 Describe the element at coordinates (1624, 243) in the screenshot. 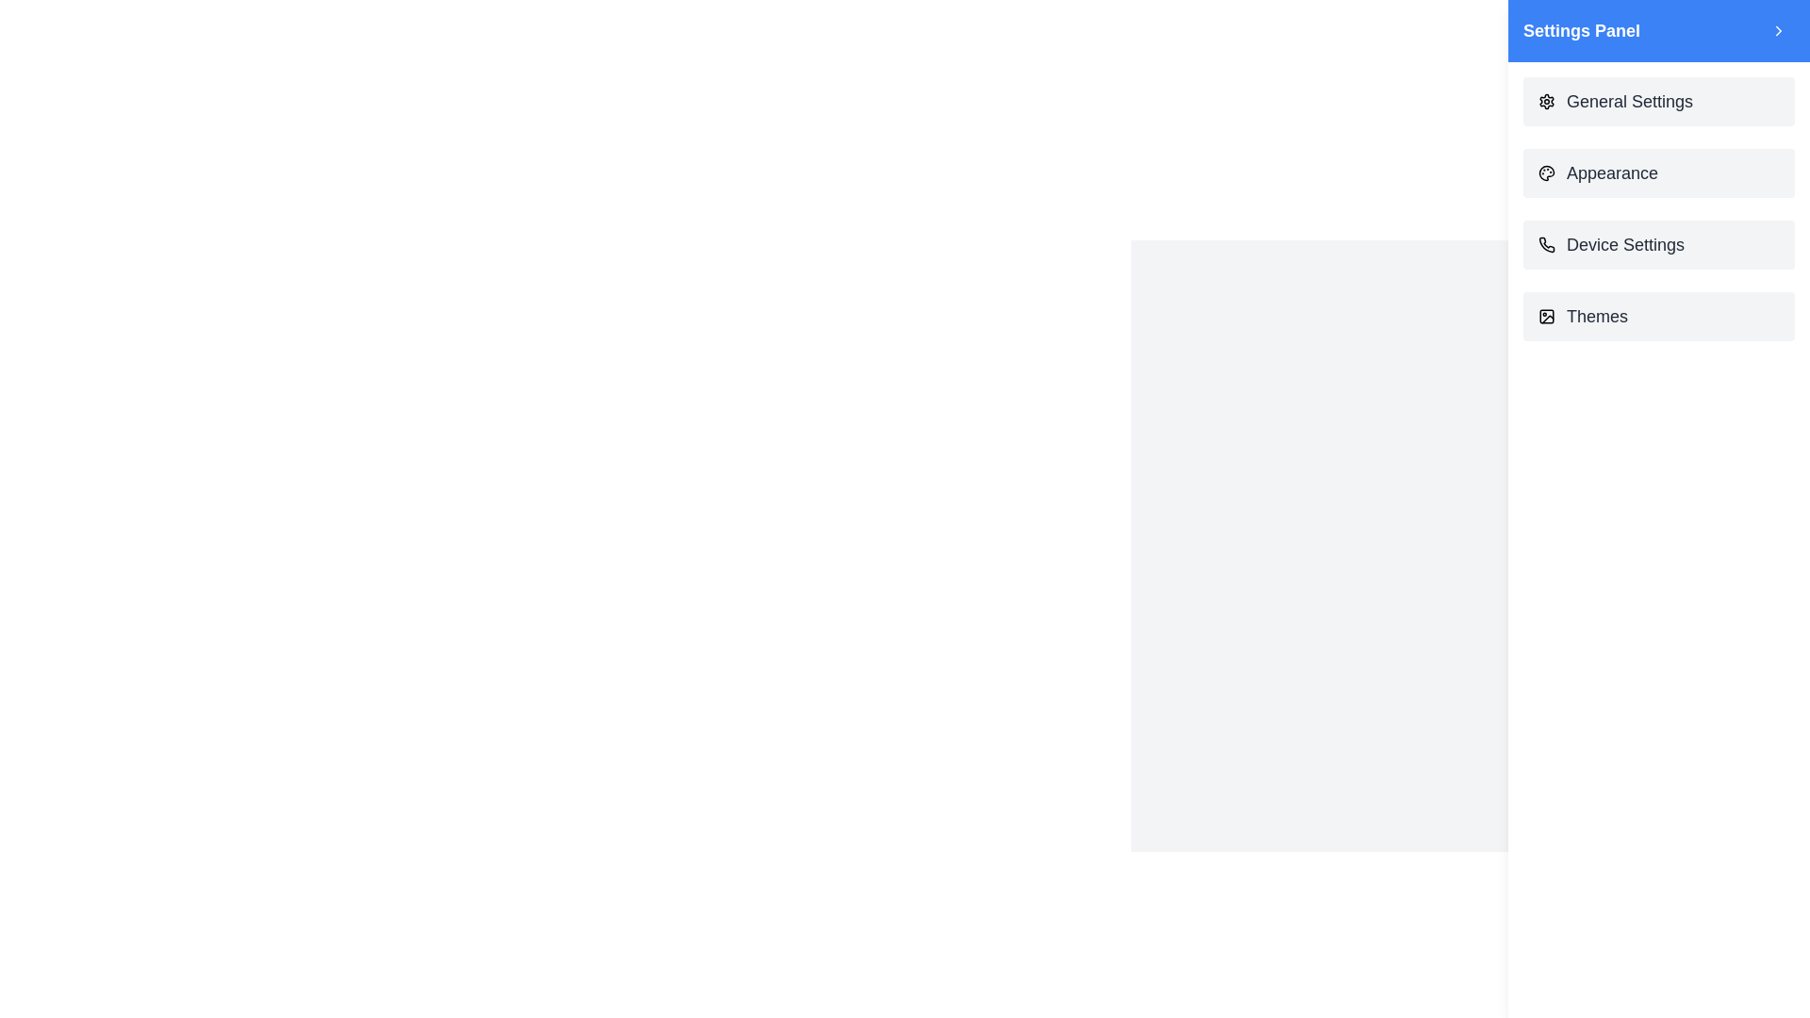

I see `the 'Device Settings' text label in the sidebar menu to potentially see a tooltip` at that location.